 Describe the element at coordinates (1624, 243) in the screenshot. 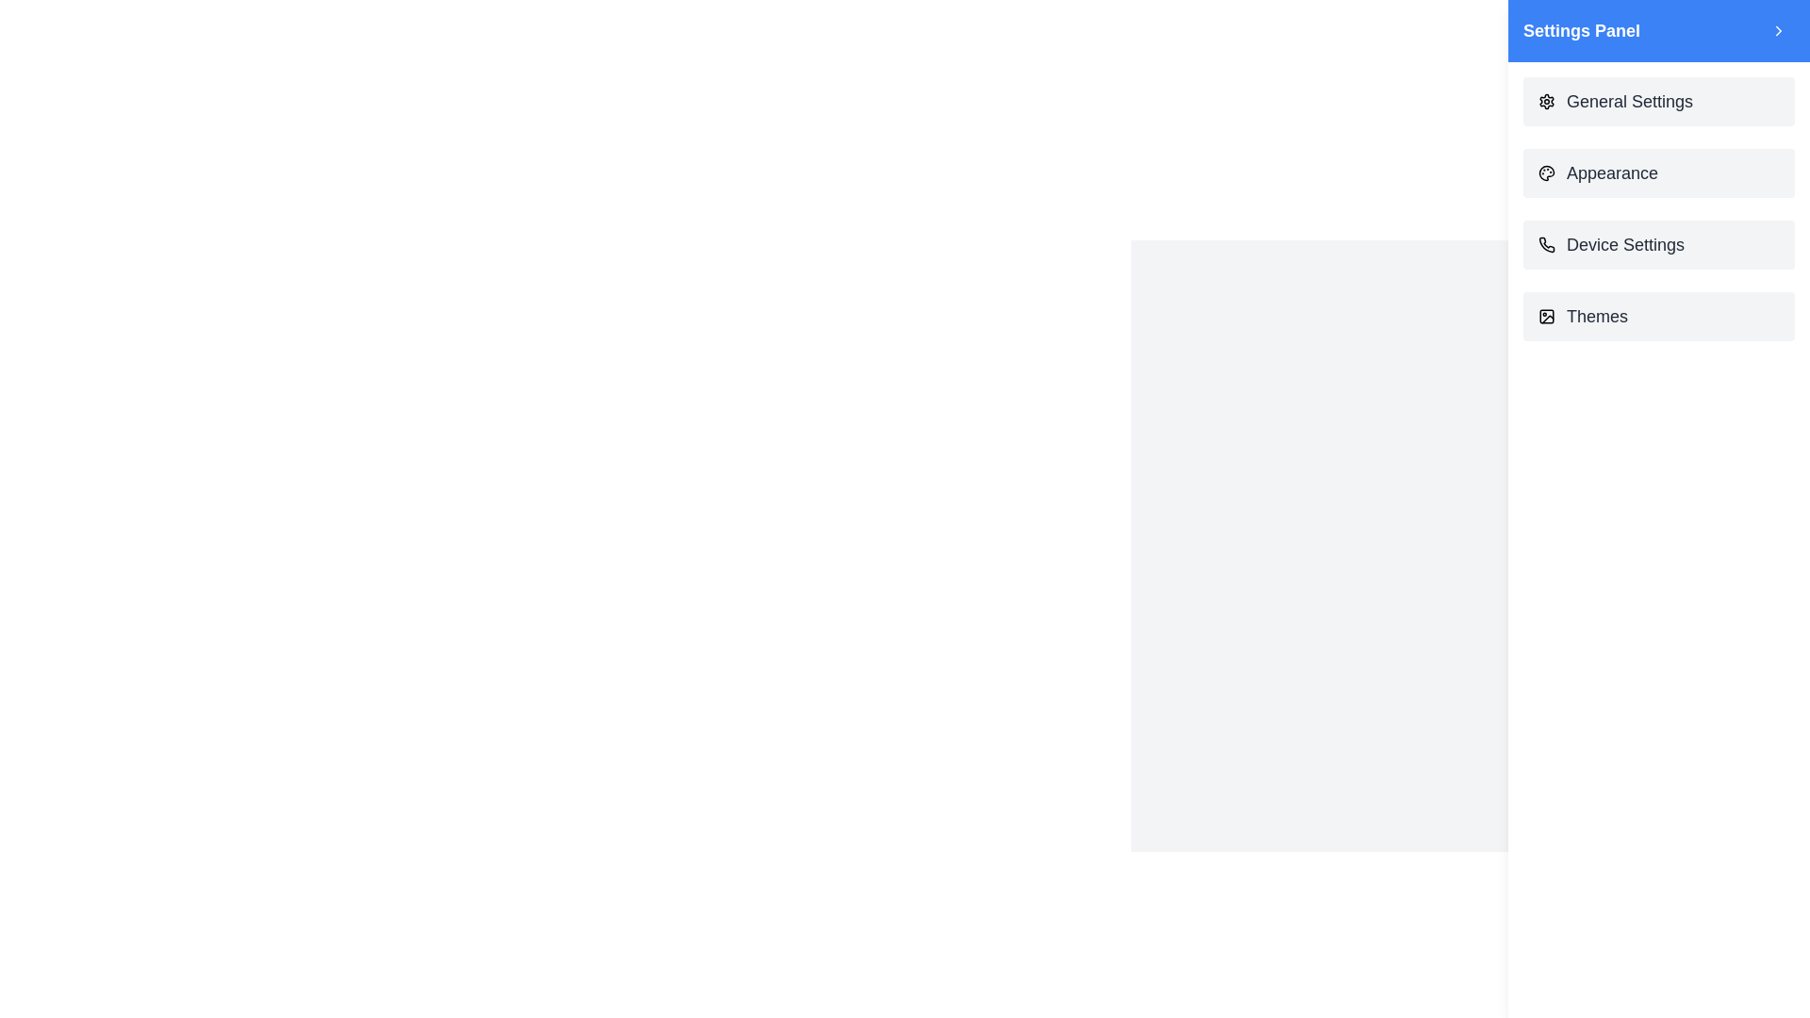

I see `the 'Device Settings' text label in the sidebar menu to potentially see a tooltip` at that location.